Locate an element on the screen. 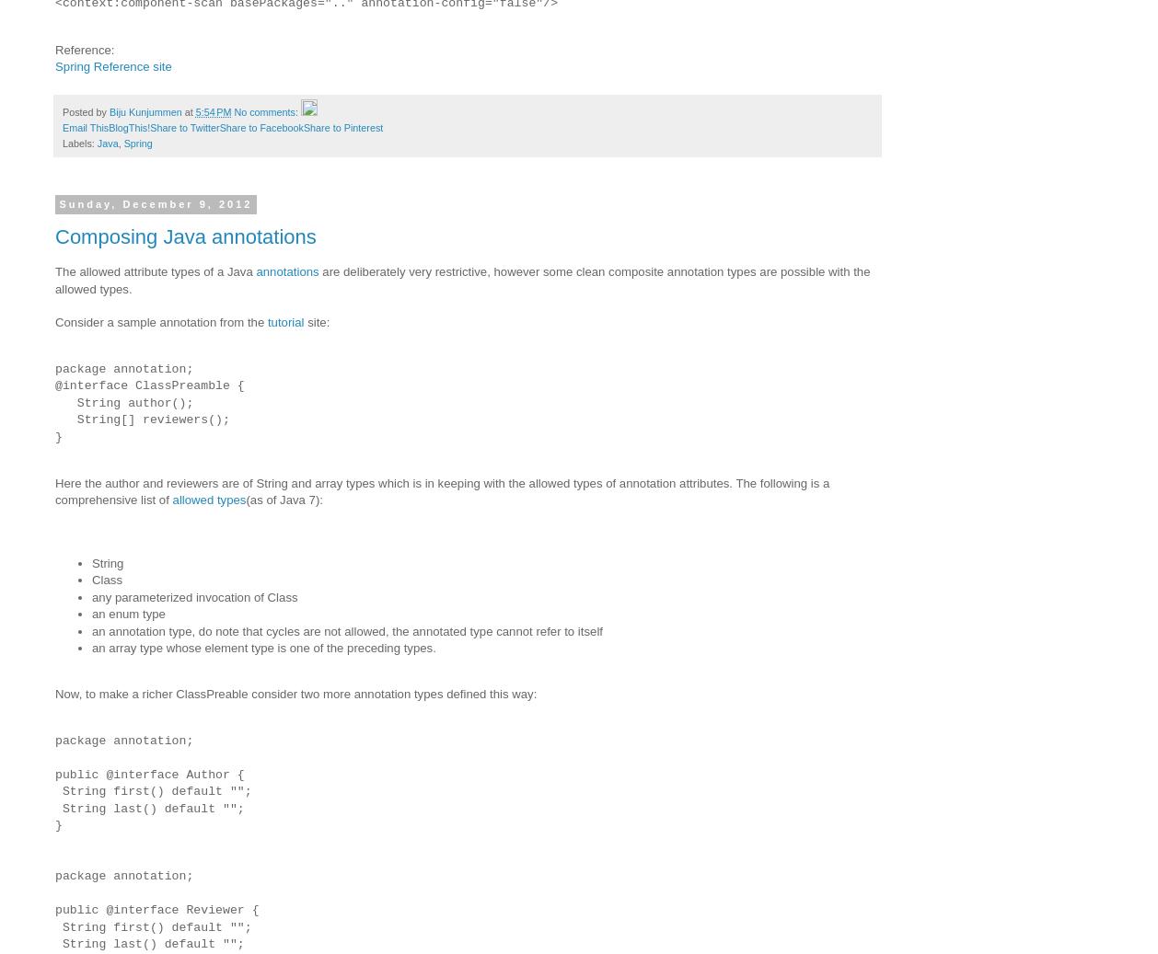  'Consider a sample annotation from the' is located at coordinates (160, 321).